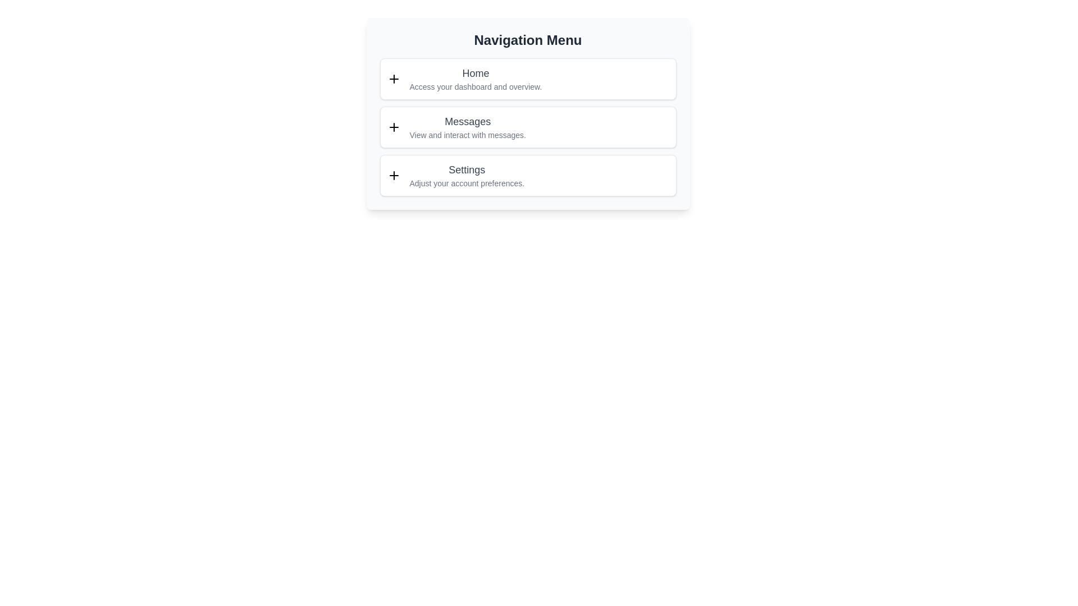 This screenshot has height=606, width=1078. I want to click on the Text label within the Navigation Menu that leads to the dashboard or overview page, so click(476, 79).